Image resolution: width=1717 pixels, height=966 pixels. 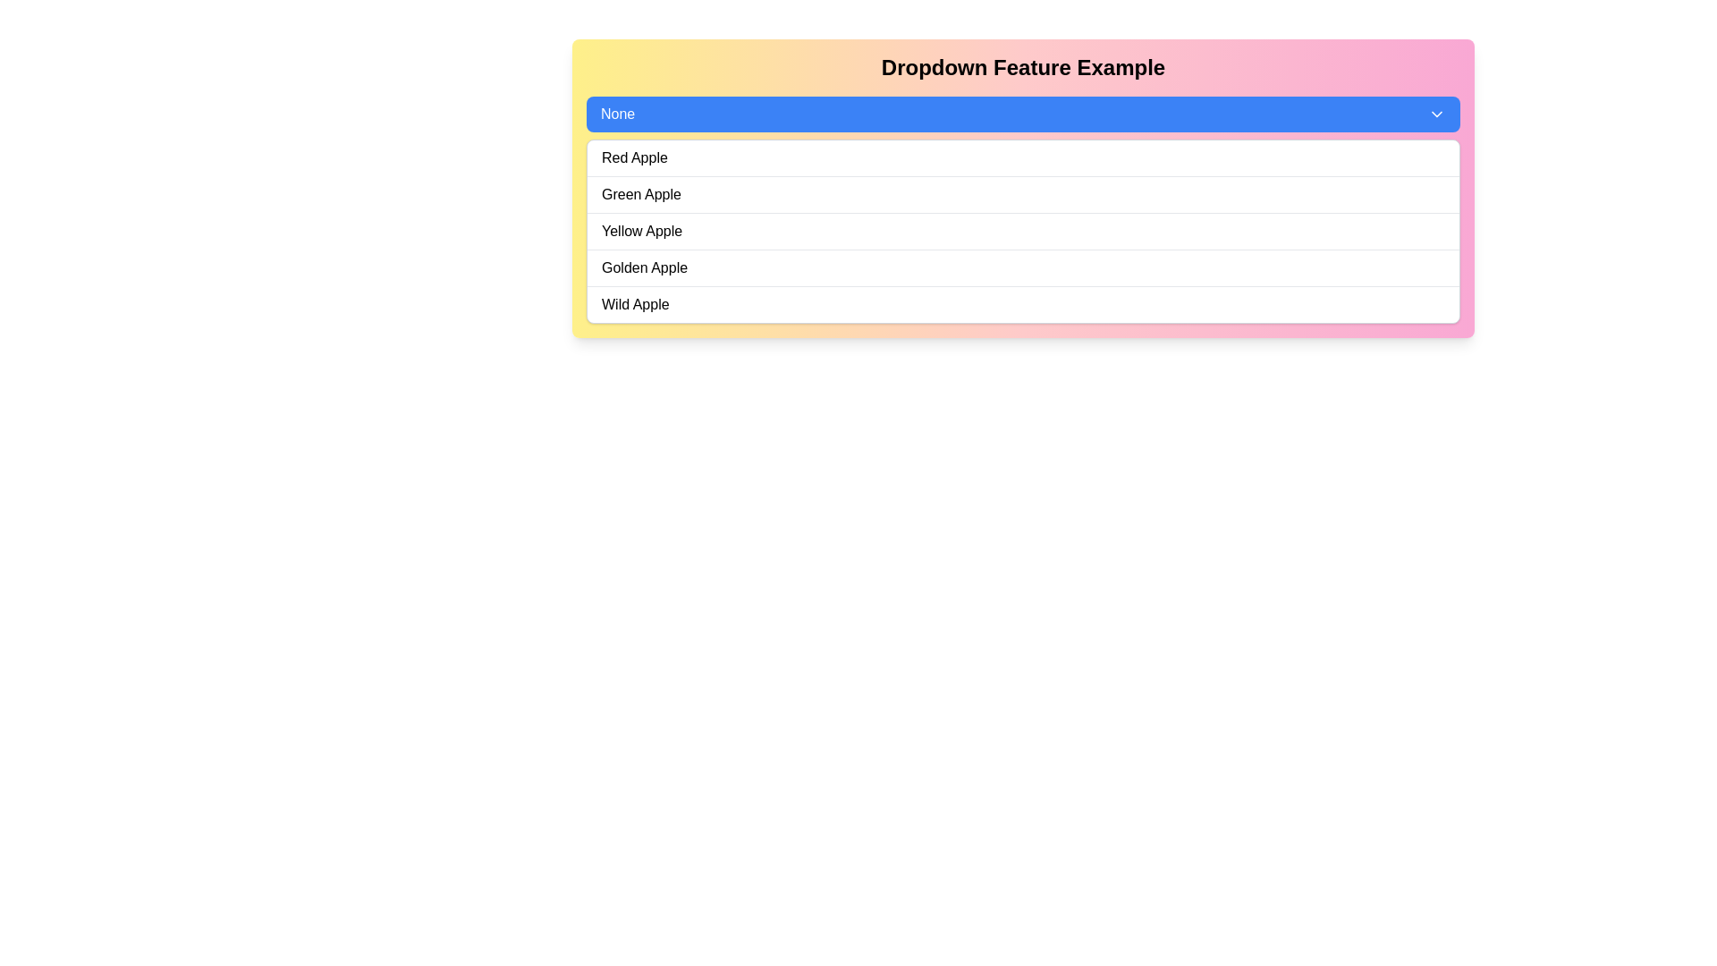 I want to click on the first item in the dropdown menu, which is a text label displaying 'Red Apple', so click(x=1023, y=157).